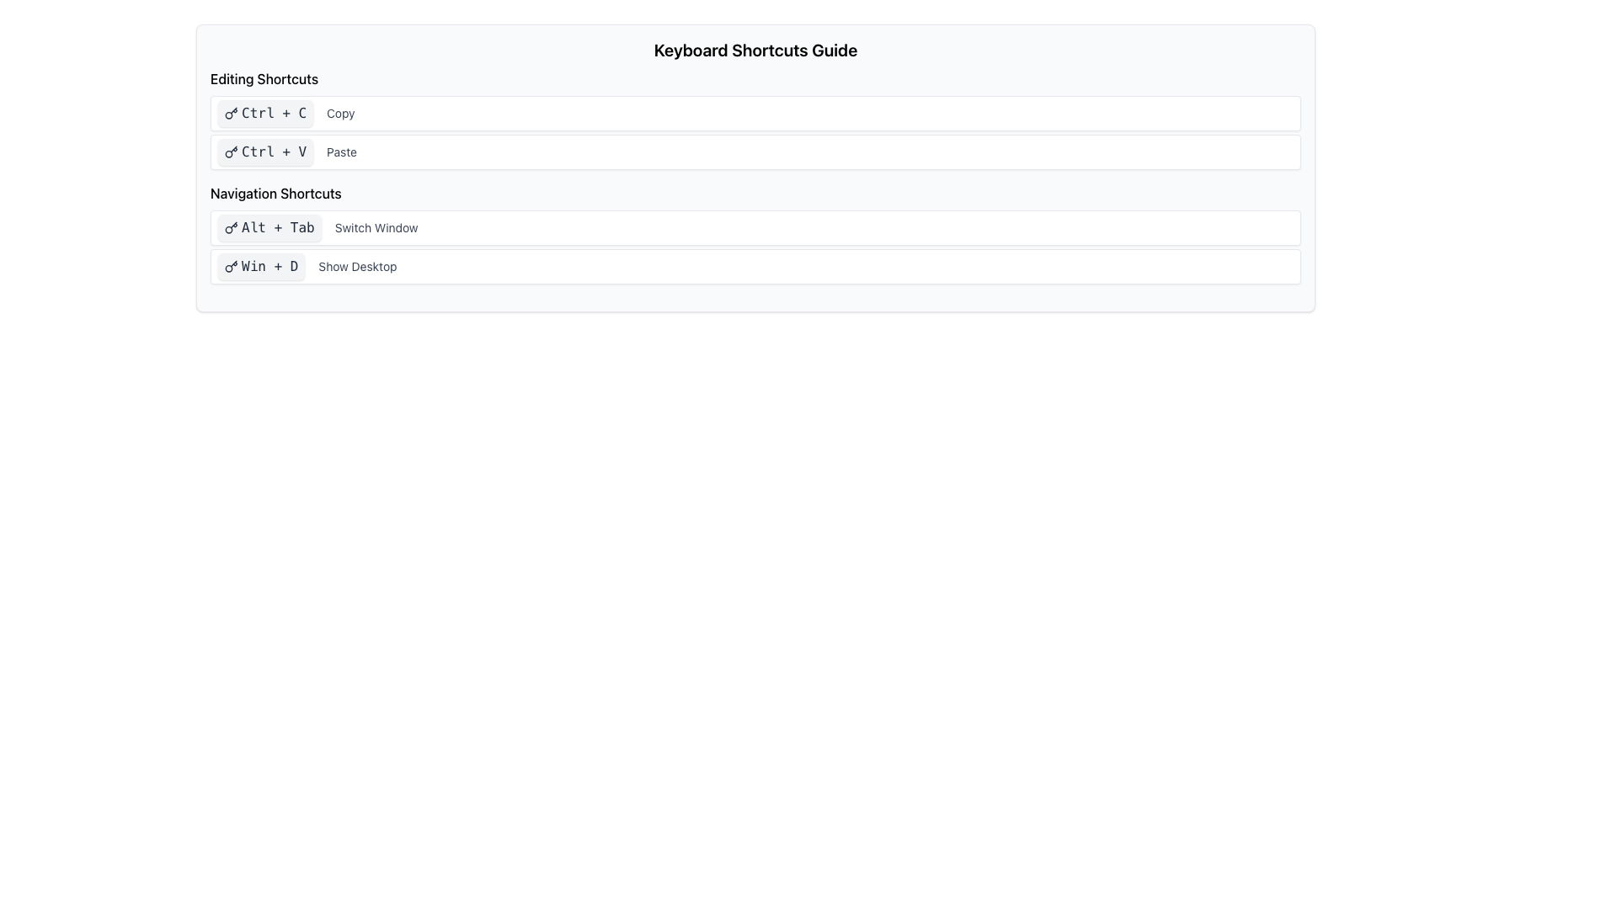  I want to click on the informational item displaying the shortcut 'Win + D' with the description 'Show Desktop', located in the 'Navigation Shortcuts' section beneath 'Alt + Tab – Switch Window', so click(755, 265).